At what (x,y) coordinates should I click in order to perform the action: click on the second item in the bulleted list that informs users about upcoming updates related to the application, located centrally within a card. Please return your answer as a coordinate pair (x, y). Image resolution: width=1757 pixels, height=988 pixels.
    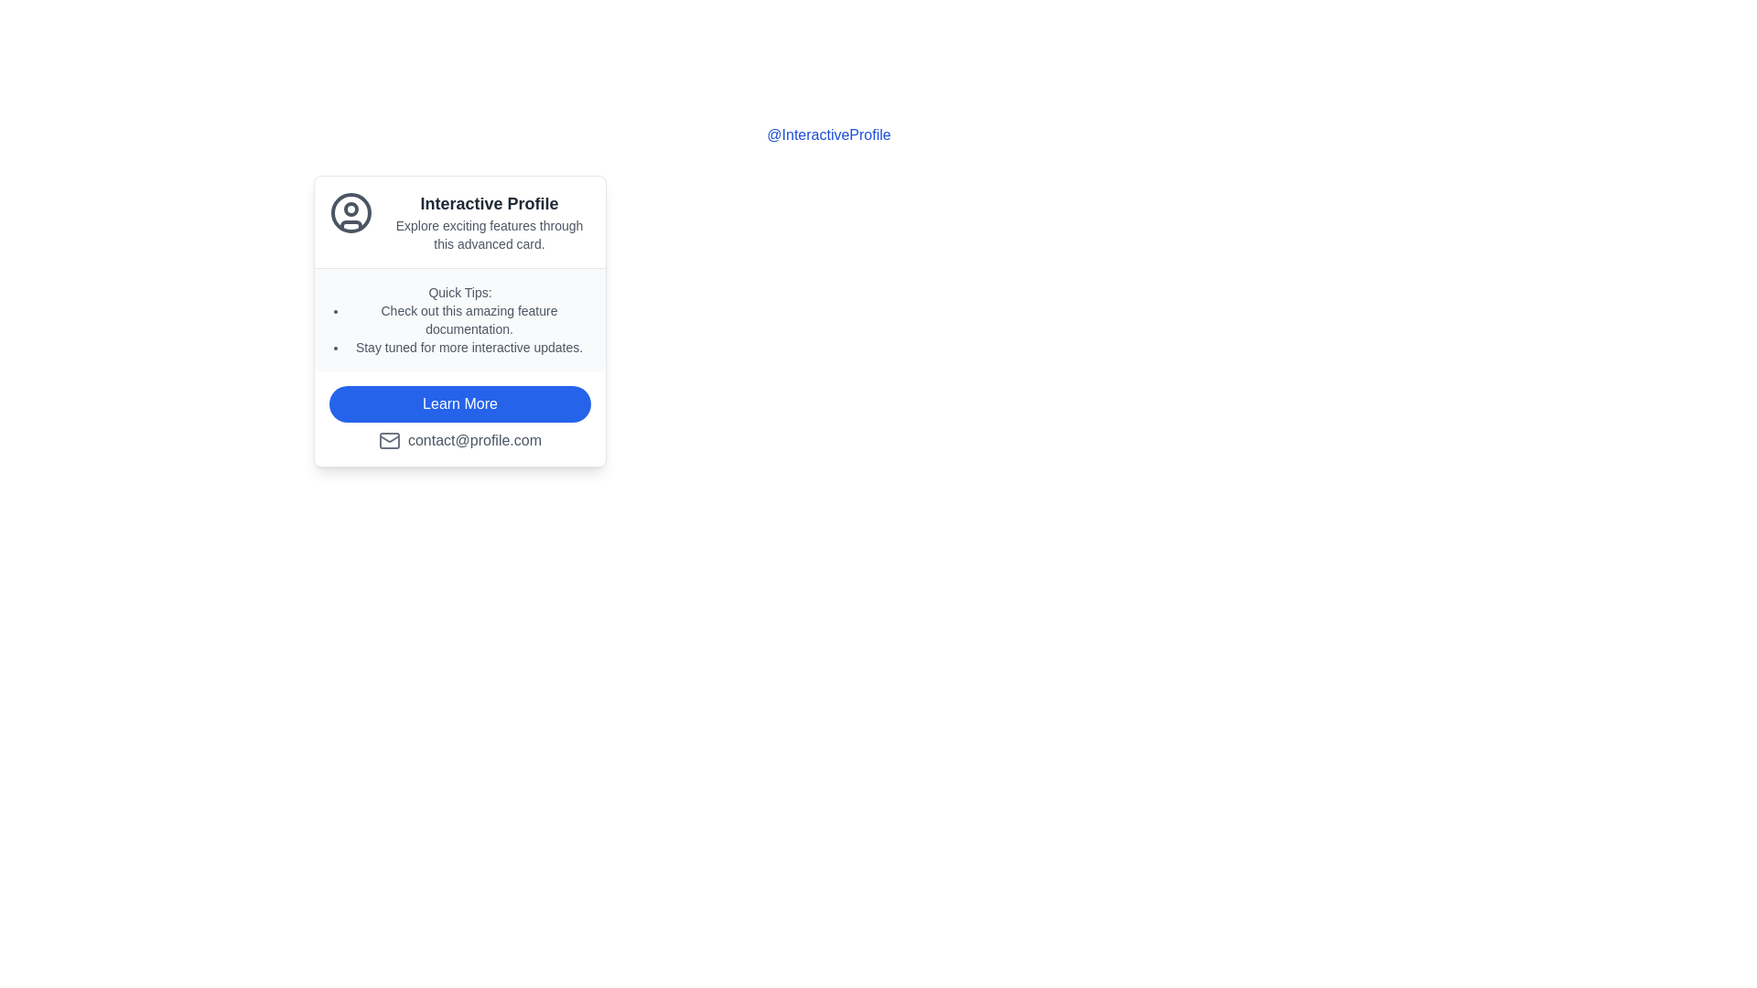
    Looking at the image, I should click on (469, 348).